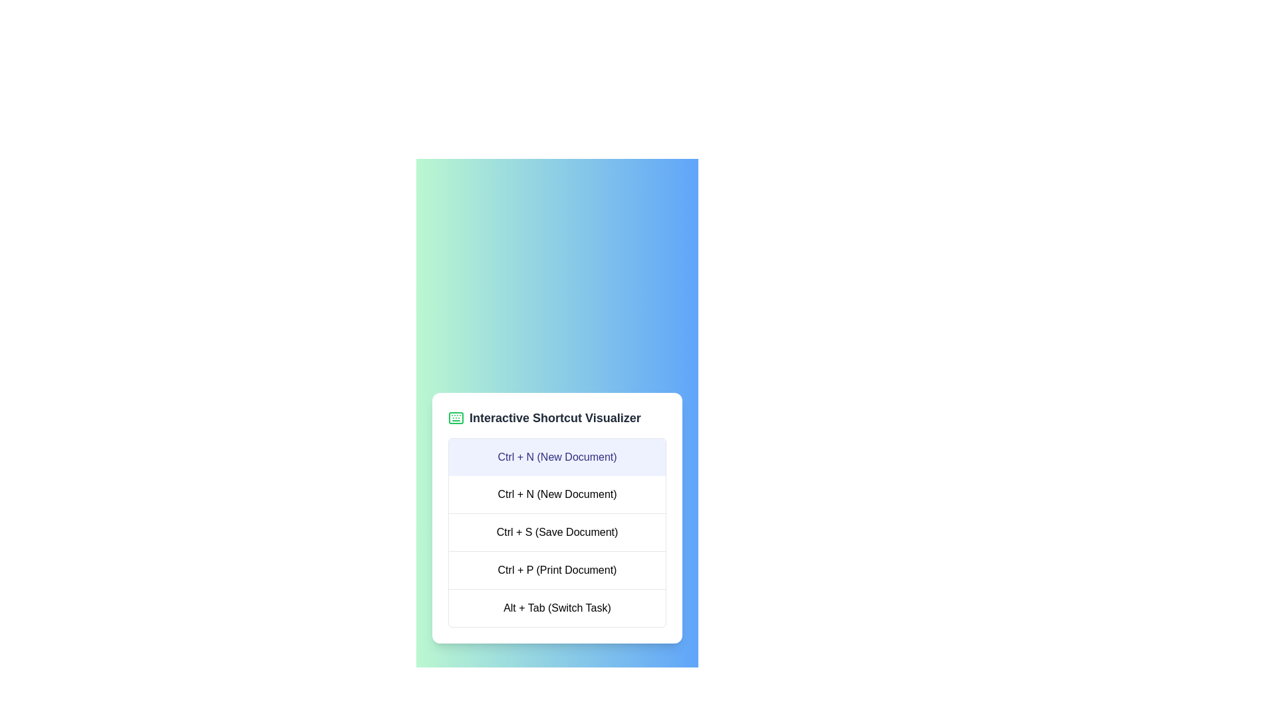  What do you see at coordinates (557, 531) in the screenshot?
I see `the text-based list item displaying 'Ctrl + S (Save Document)', which is the second item in the vertical list of the 'Interactive Shortcut Visualizer'` at bounding box center [557, 531].